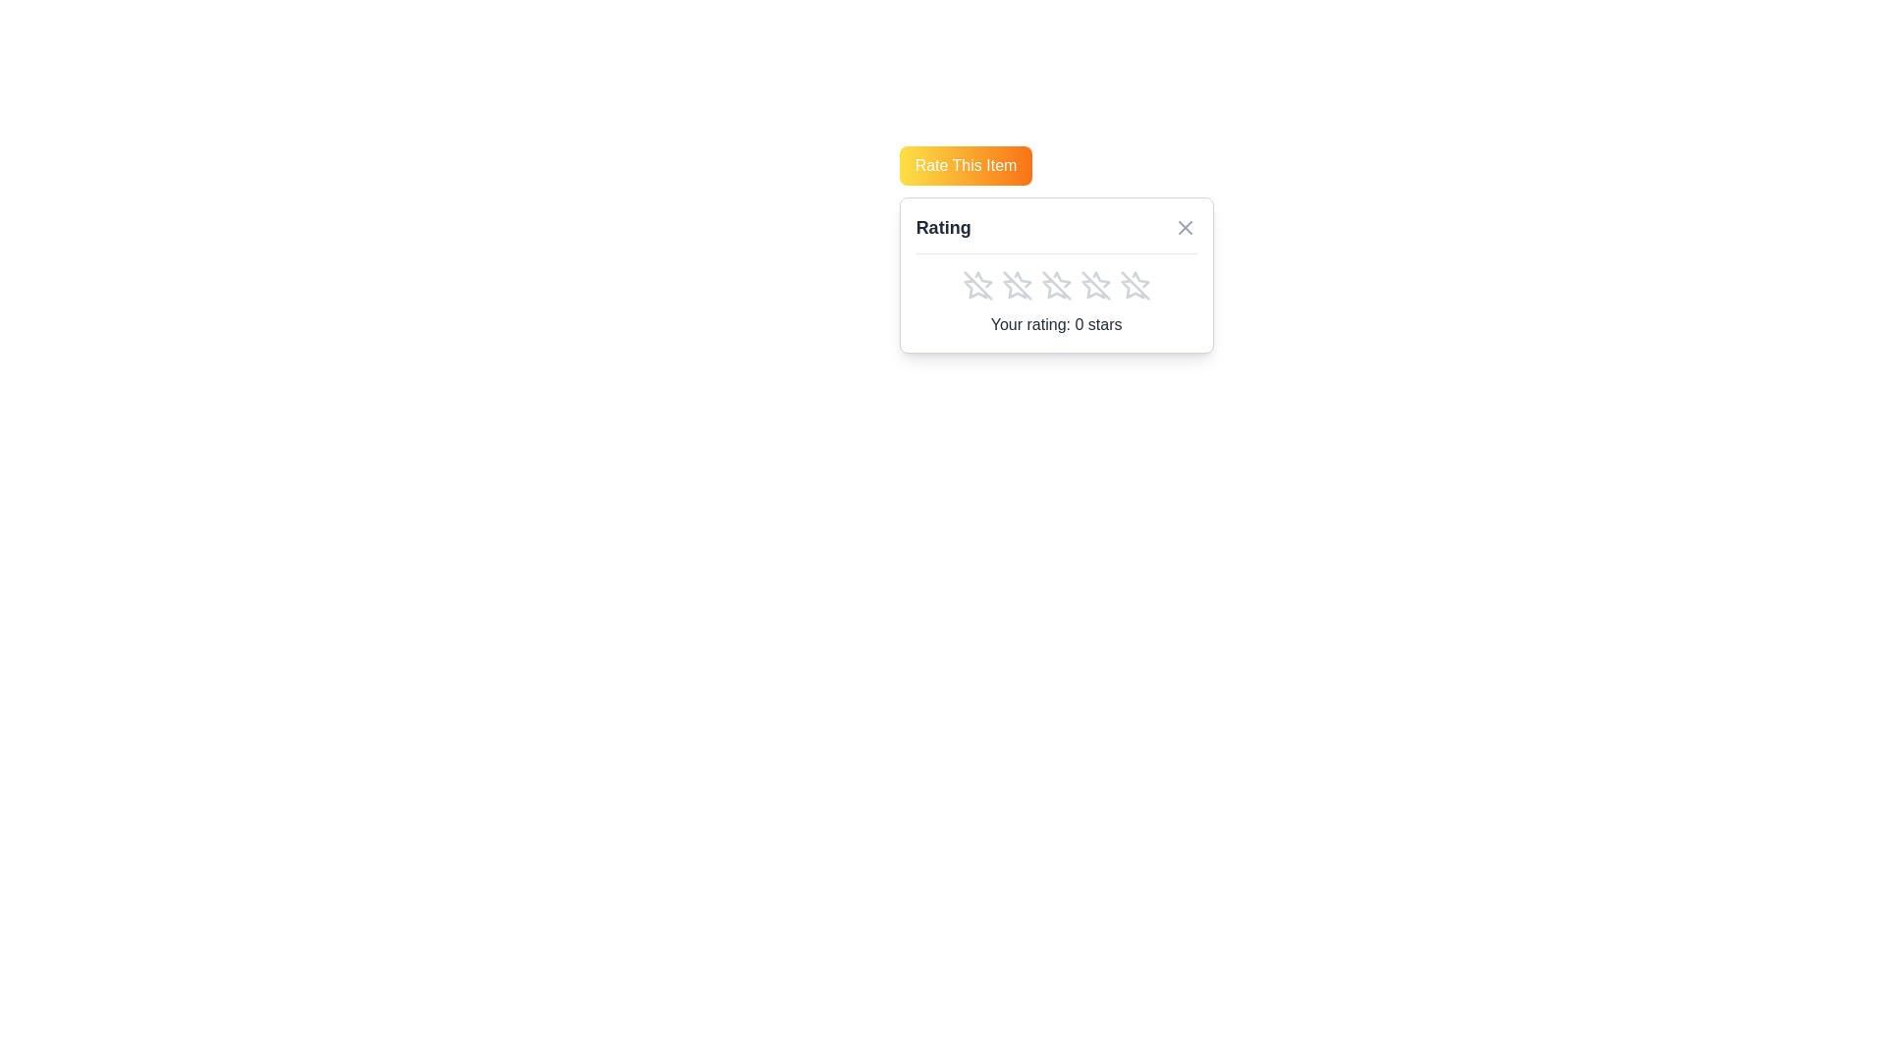 Image resolution: width=1886 pixels, height=1061 pixels. What do you see at coordinates (1017, 285) in the screenshot?
I see `the second star icon from the left` at bounding box center [1017, 285].